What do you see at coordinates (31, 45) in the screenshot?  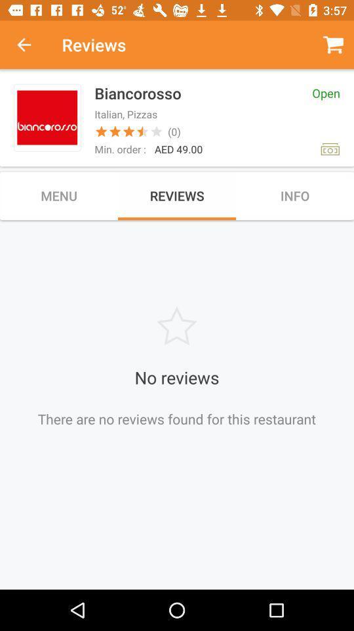 I see `go back` at bounding box center [31, 45].